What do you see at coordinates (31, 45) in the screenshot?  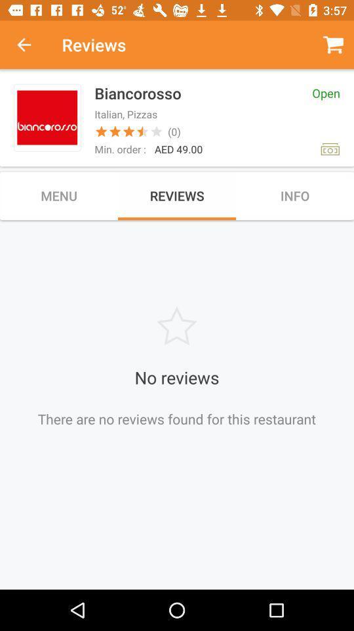 I see `go back` at bounding box center [31, 45].